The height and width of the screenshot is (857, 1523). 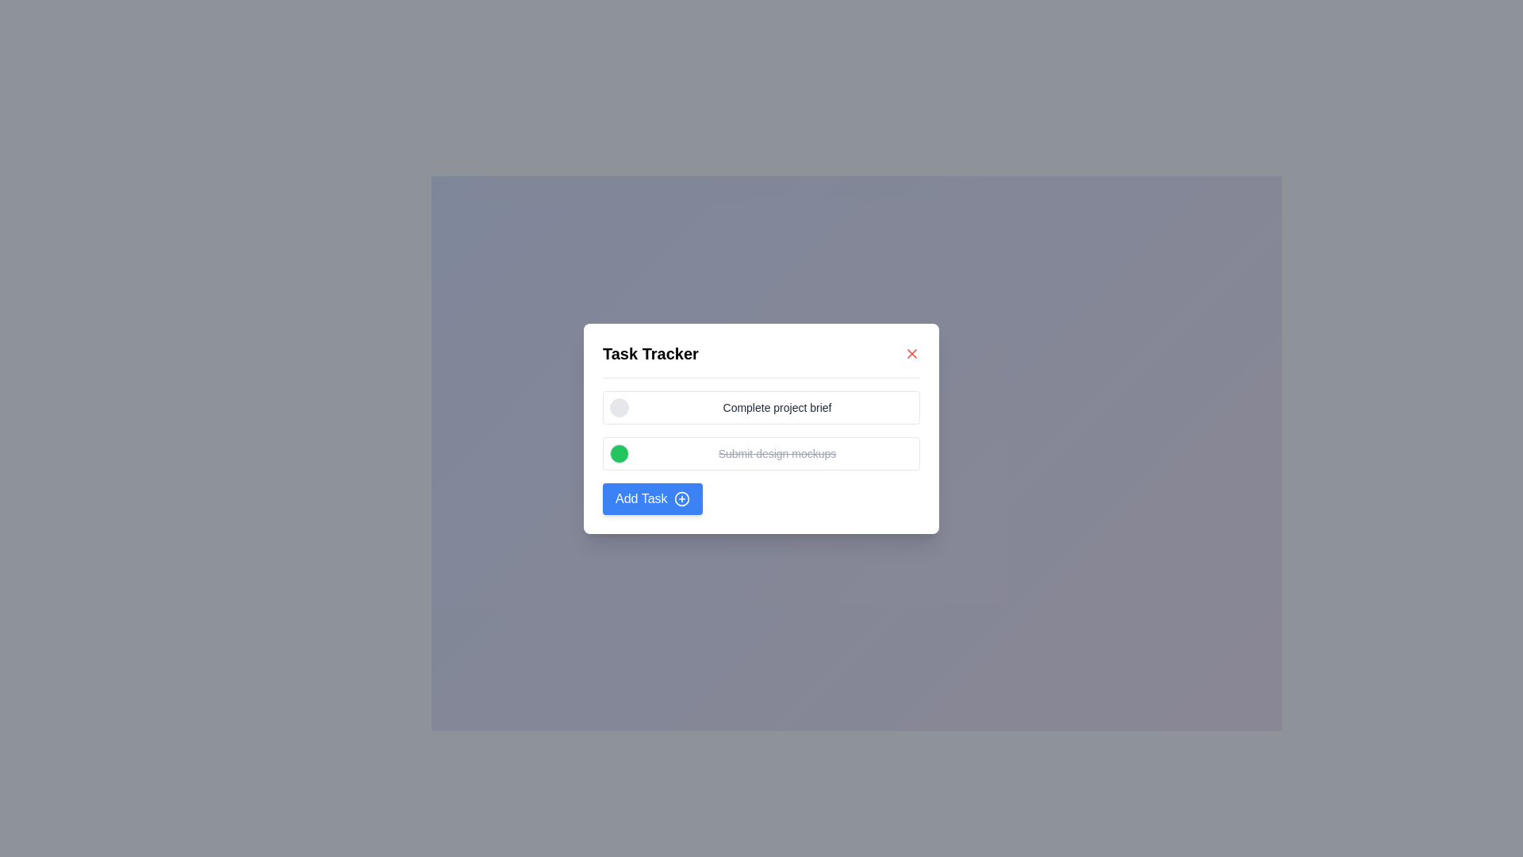 What do you see at coordinates (912, 352) in the screenshot?
I see `the Close icon represented by a diagonal cross in the top-right corner of the 'Task Tracker' modal` at bounding box center [912, 352].